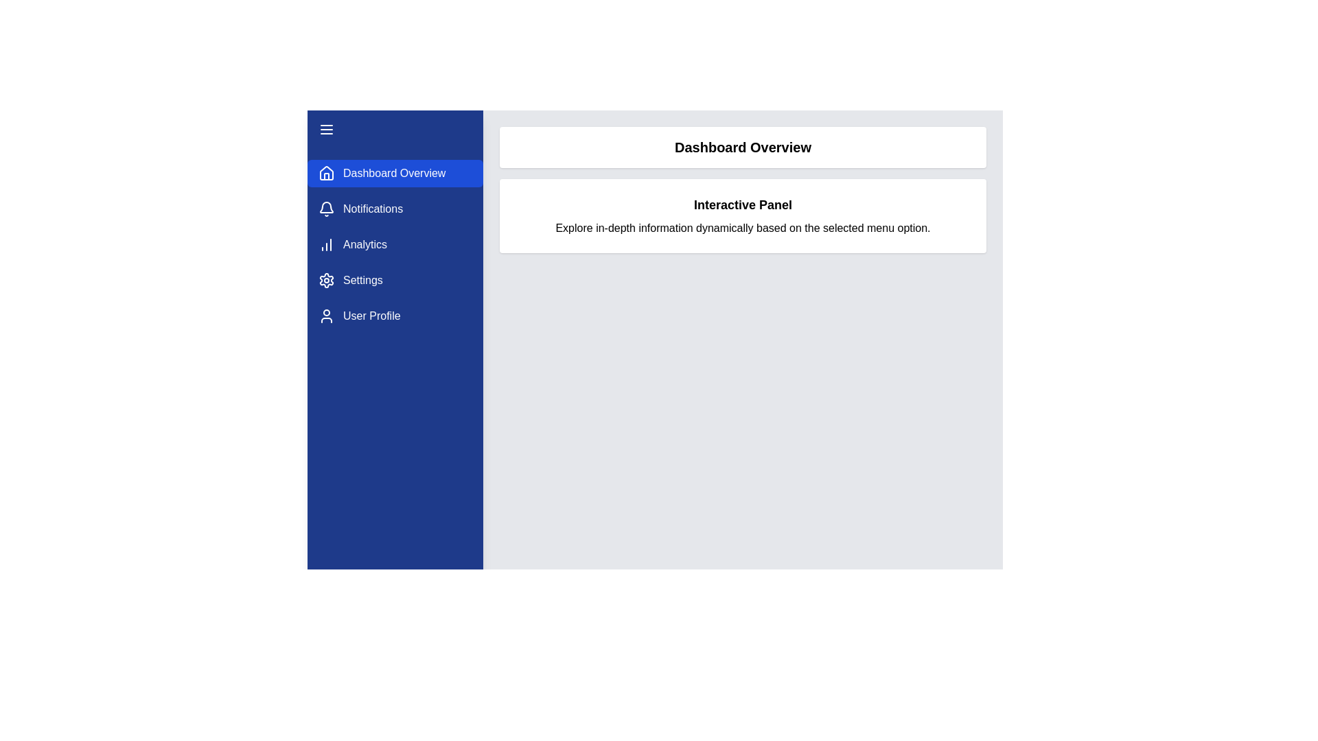  Describe the element at coordinates (395, 173) in the screenshot. I see `the 'Dashboard Overview' button` at that location.